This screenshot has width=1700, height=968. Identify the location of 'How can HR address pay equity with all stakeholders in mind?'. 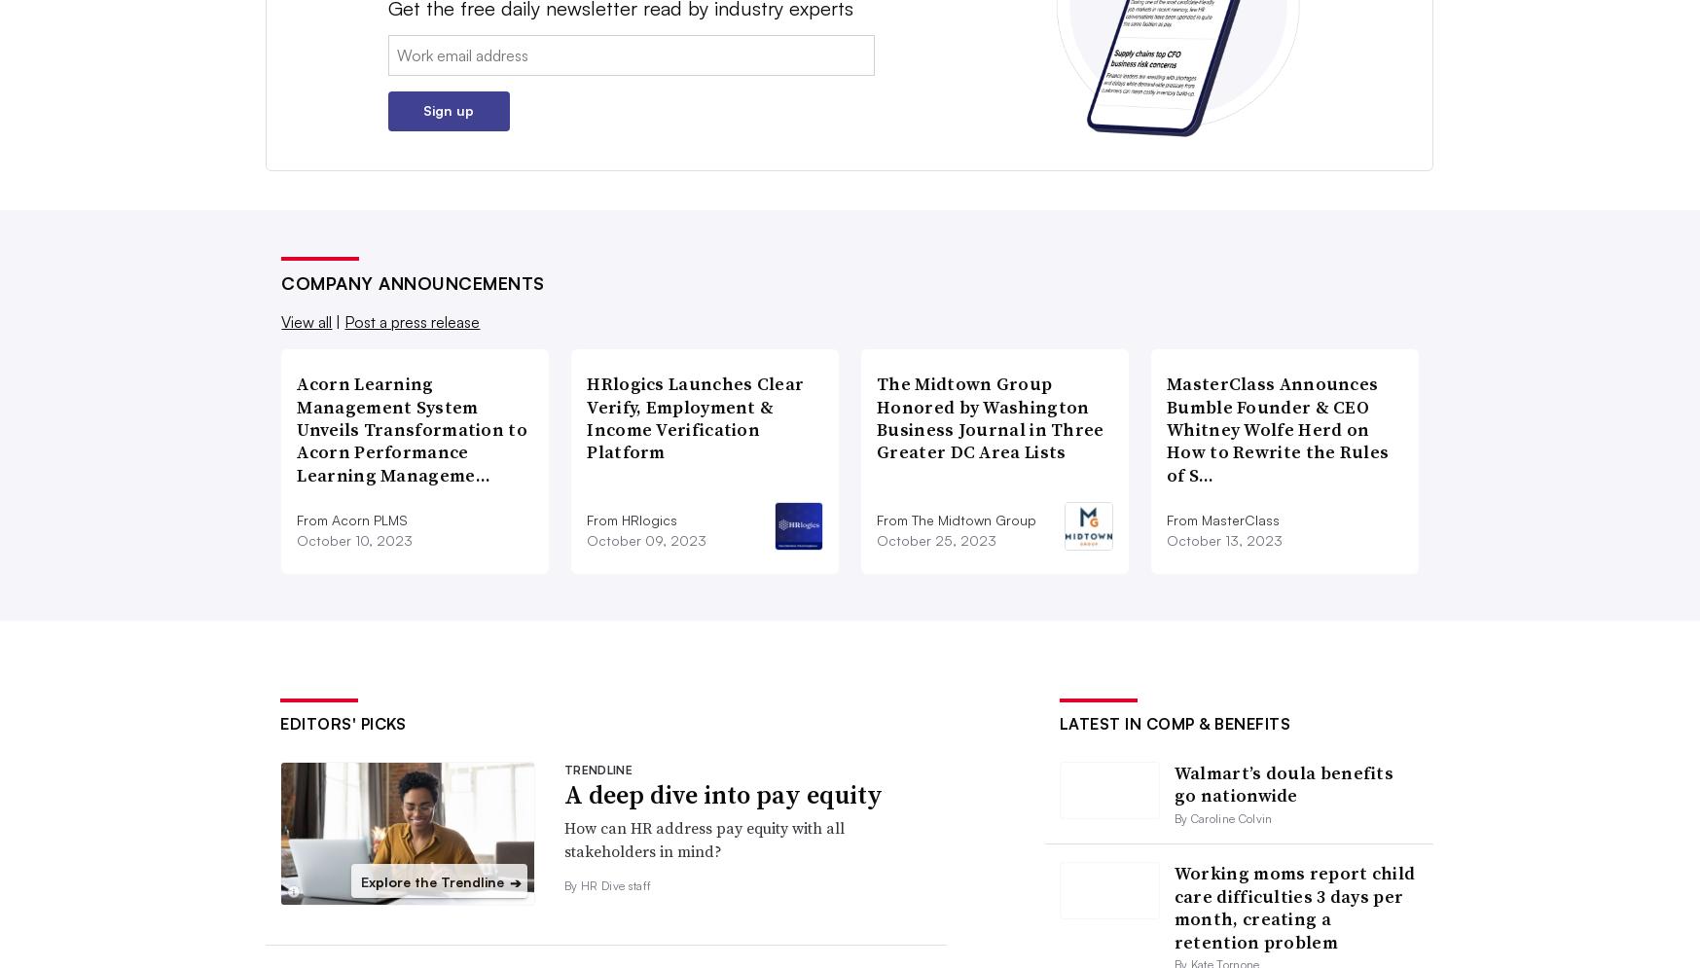
(704, 838).